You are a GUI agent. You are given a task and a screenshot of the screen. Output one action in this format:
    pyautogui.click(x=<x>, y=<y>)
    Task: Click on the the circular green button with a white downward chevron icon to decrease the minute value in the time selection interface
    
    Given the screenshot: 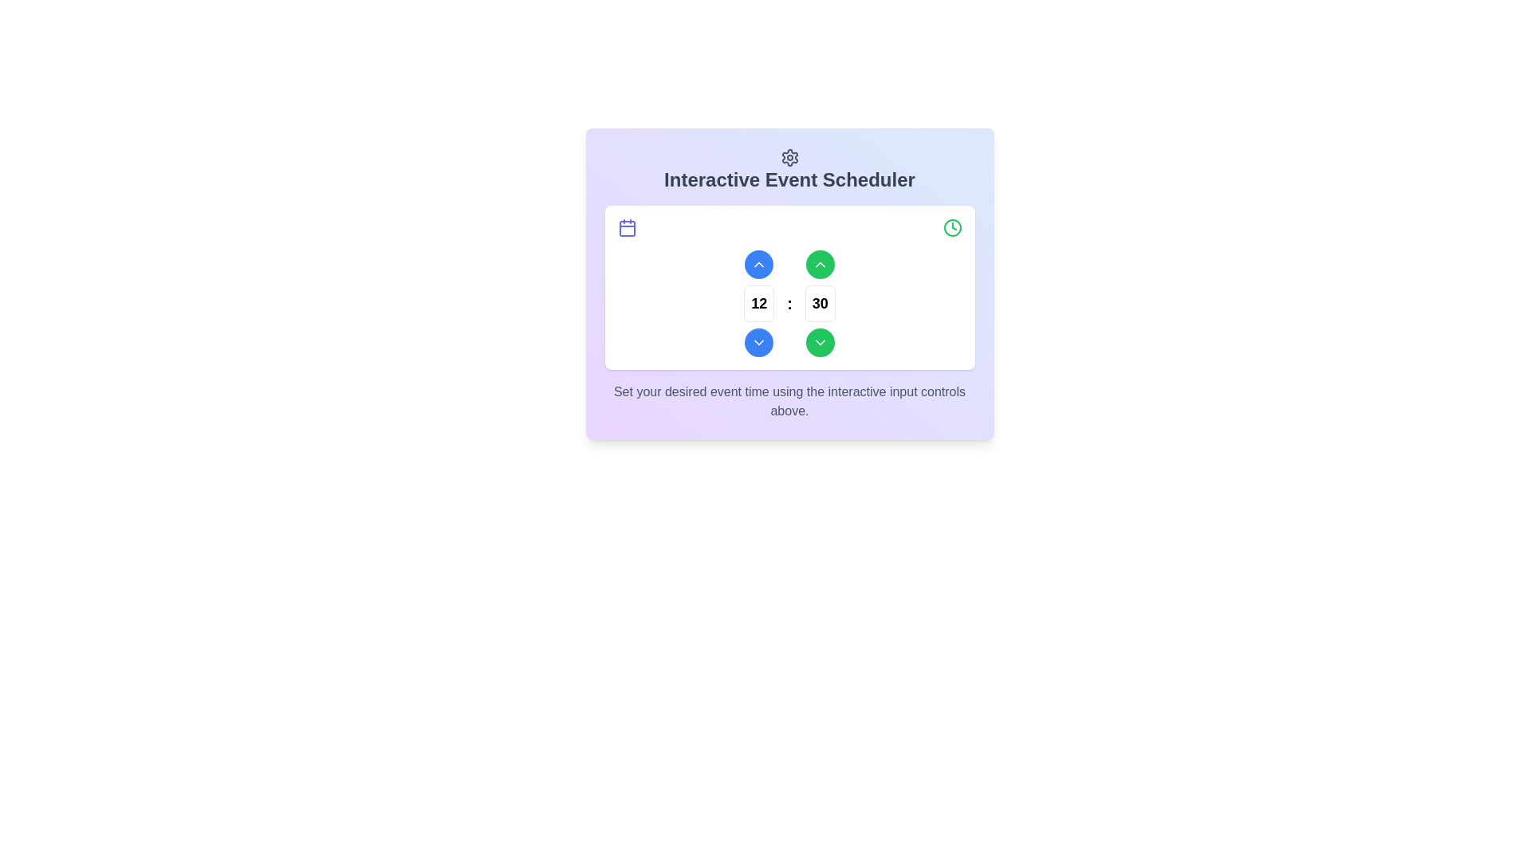 What is the action you would take?
    pyautogui.click(x=820, y=341)
    